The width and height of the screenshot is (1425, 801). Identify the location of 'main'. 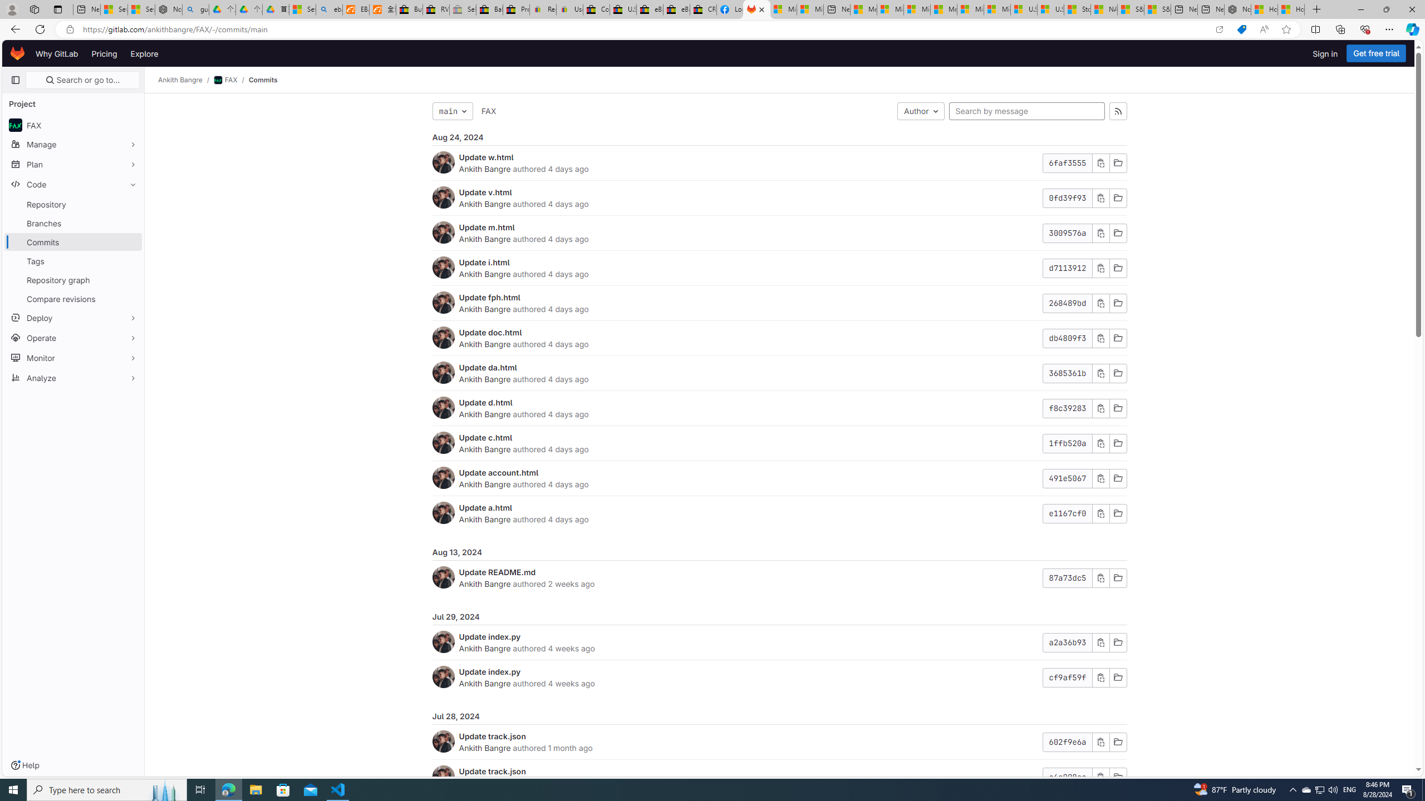
(451, 111).